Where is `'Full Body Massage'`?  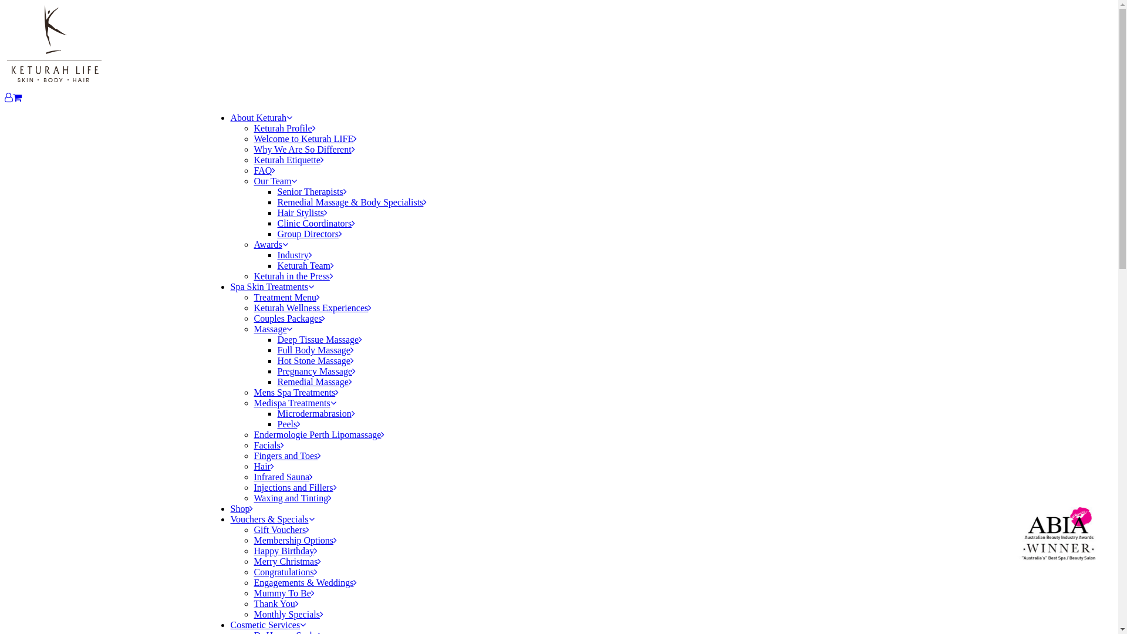 'Full Body Massage' is located at coordinates (315, 349).